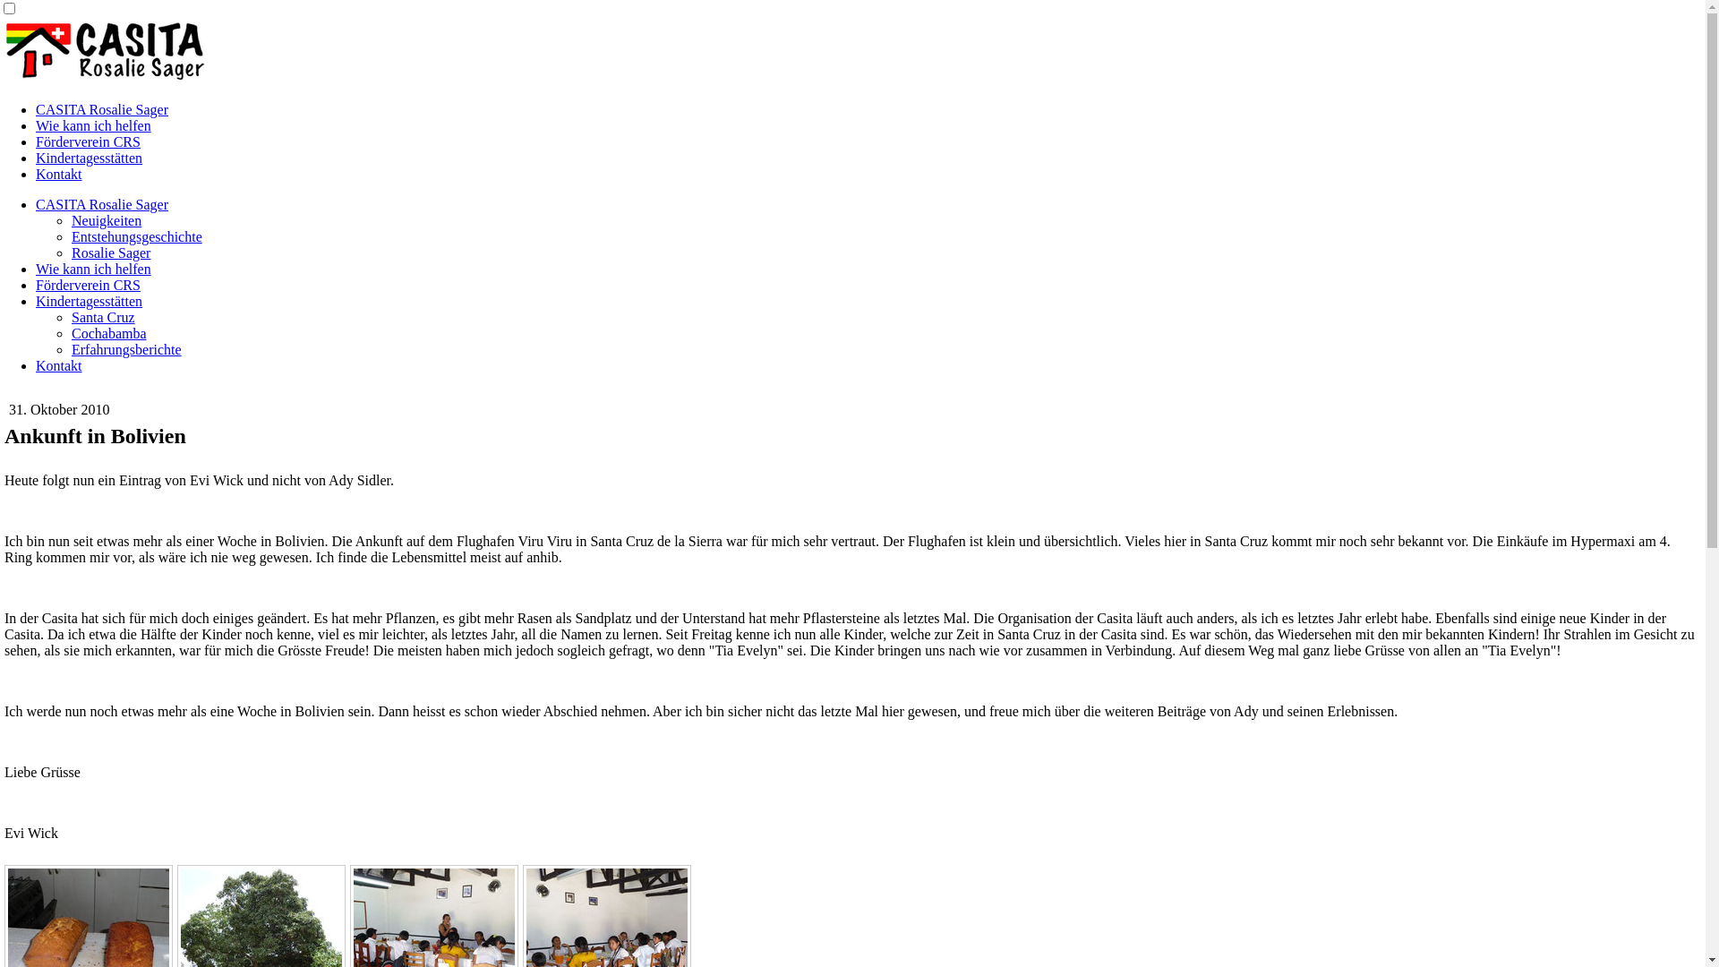 This screenshot has width=1719, height=967. What do you see at coordinates (106, 219) in the screenshot?
I see `'Neuigkeiten'` at bounding box center [106, 219].